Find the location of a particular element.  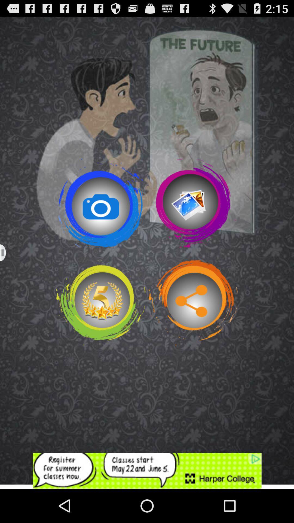

advertisement is located at coordinates (147, 470).